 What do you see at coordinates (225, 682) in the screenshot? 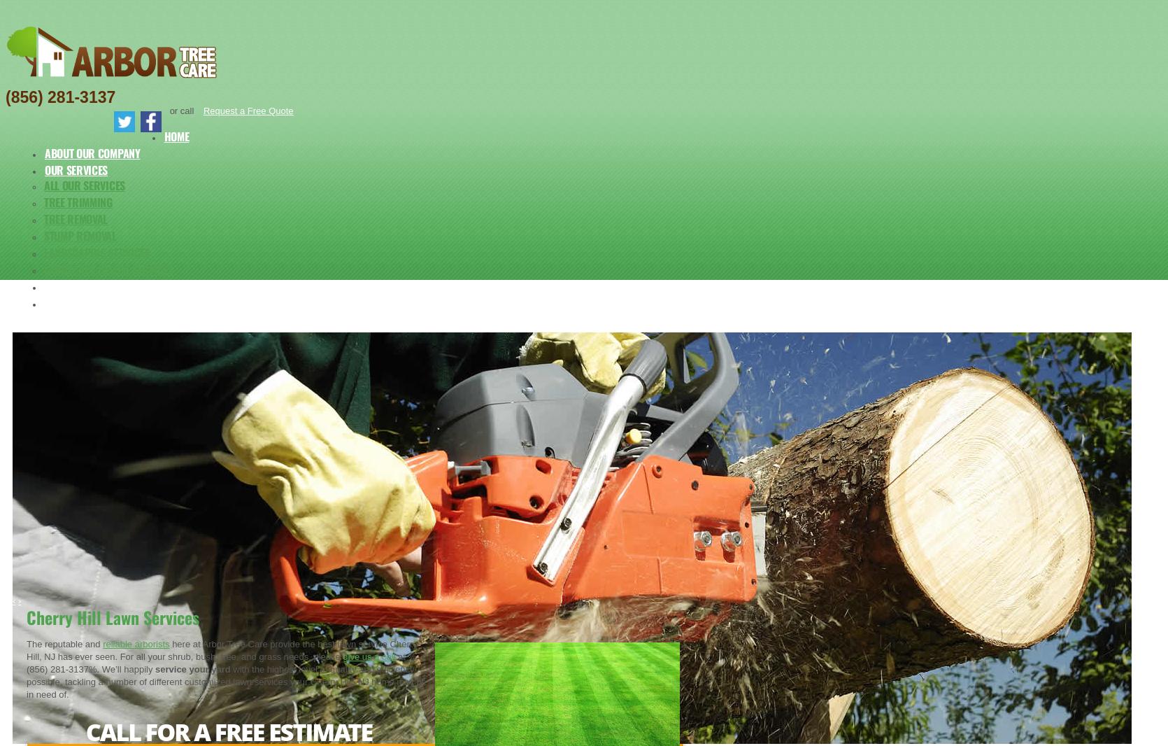
I see `'with the highest level of quality and efficiency possible, tackling a number of different customized lawn services your Cherry Hill, NJ home may be in need of.'` at bounding box center [225, 682].